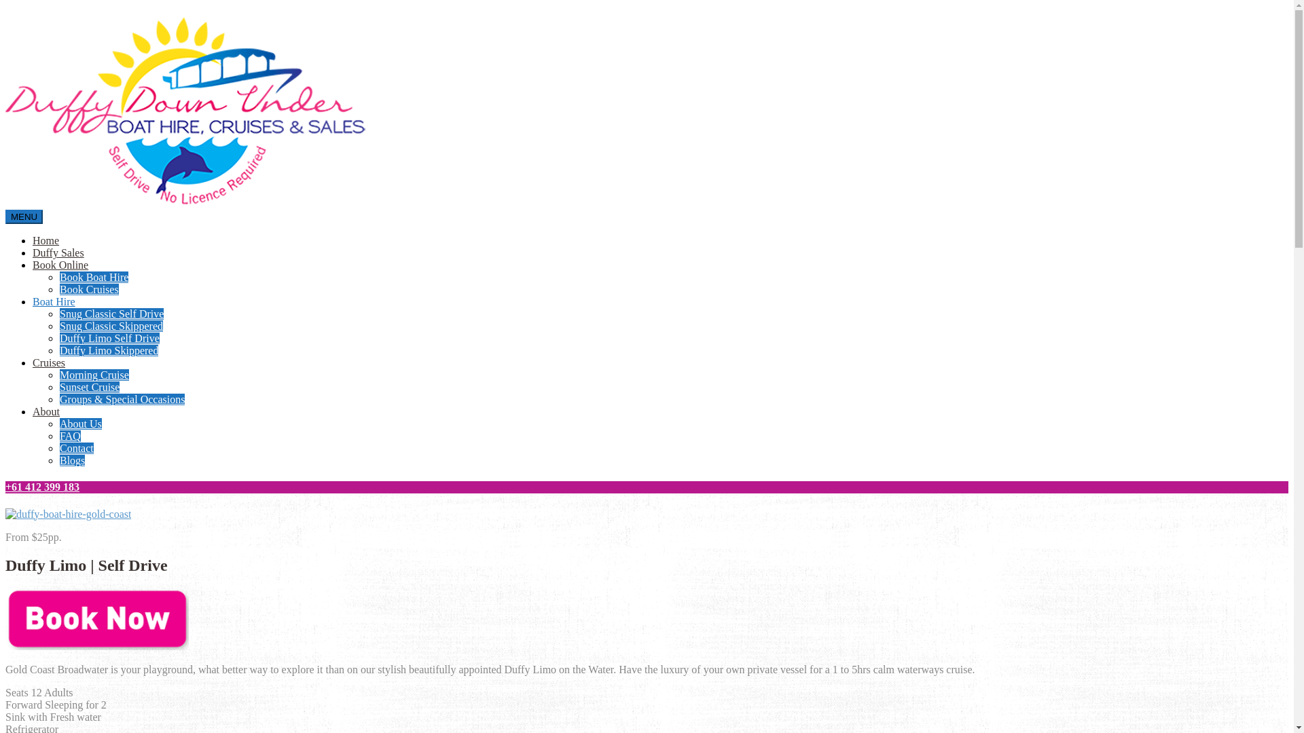 Image resolution: width=1304 pixels, height=733 pixels. Describe the element at coordinates (69, 436) in the screenshot. I see `'FAQ'` at that location.